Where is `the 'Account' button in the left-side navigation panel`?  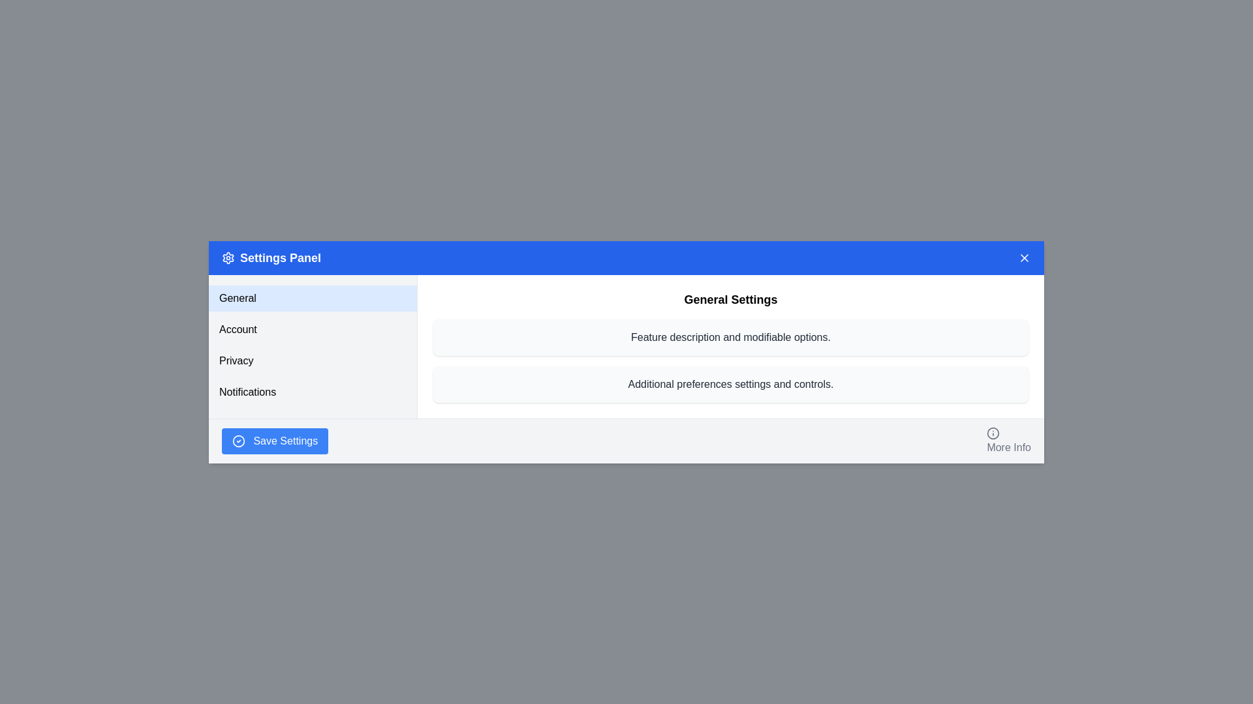
the 'Account' button in the left-side navigation panel is located at coordinates (313, 345).